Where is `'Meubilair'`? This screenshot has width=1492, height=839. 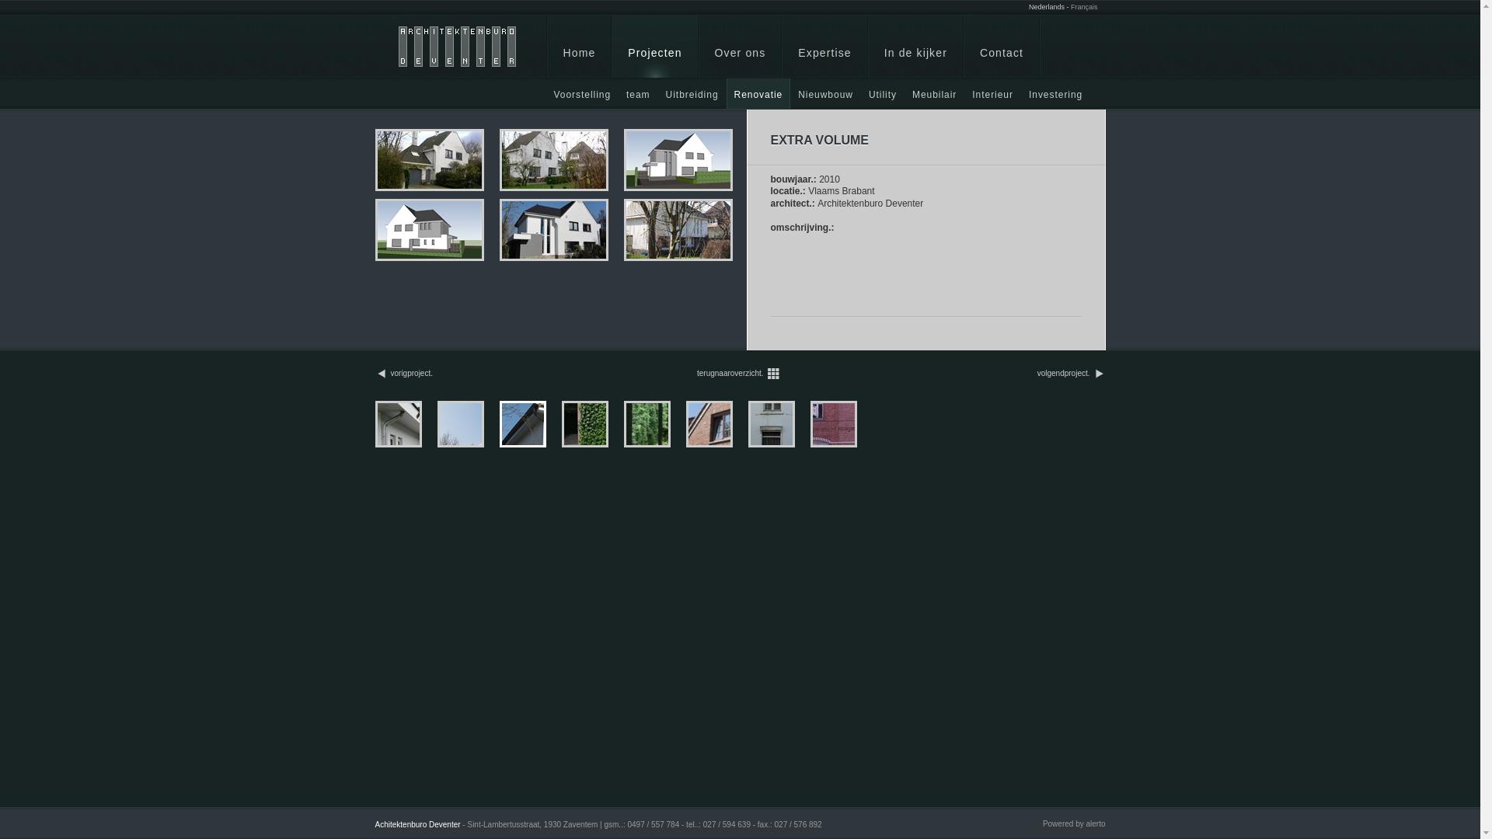
'Meubilair' is located at coordinates (933, 93).